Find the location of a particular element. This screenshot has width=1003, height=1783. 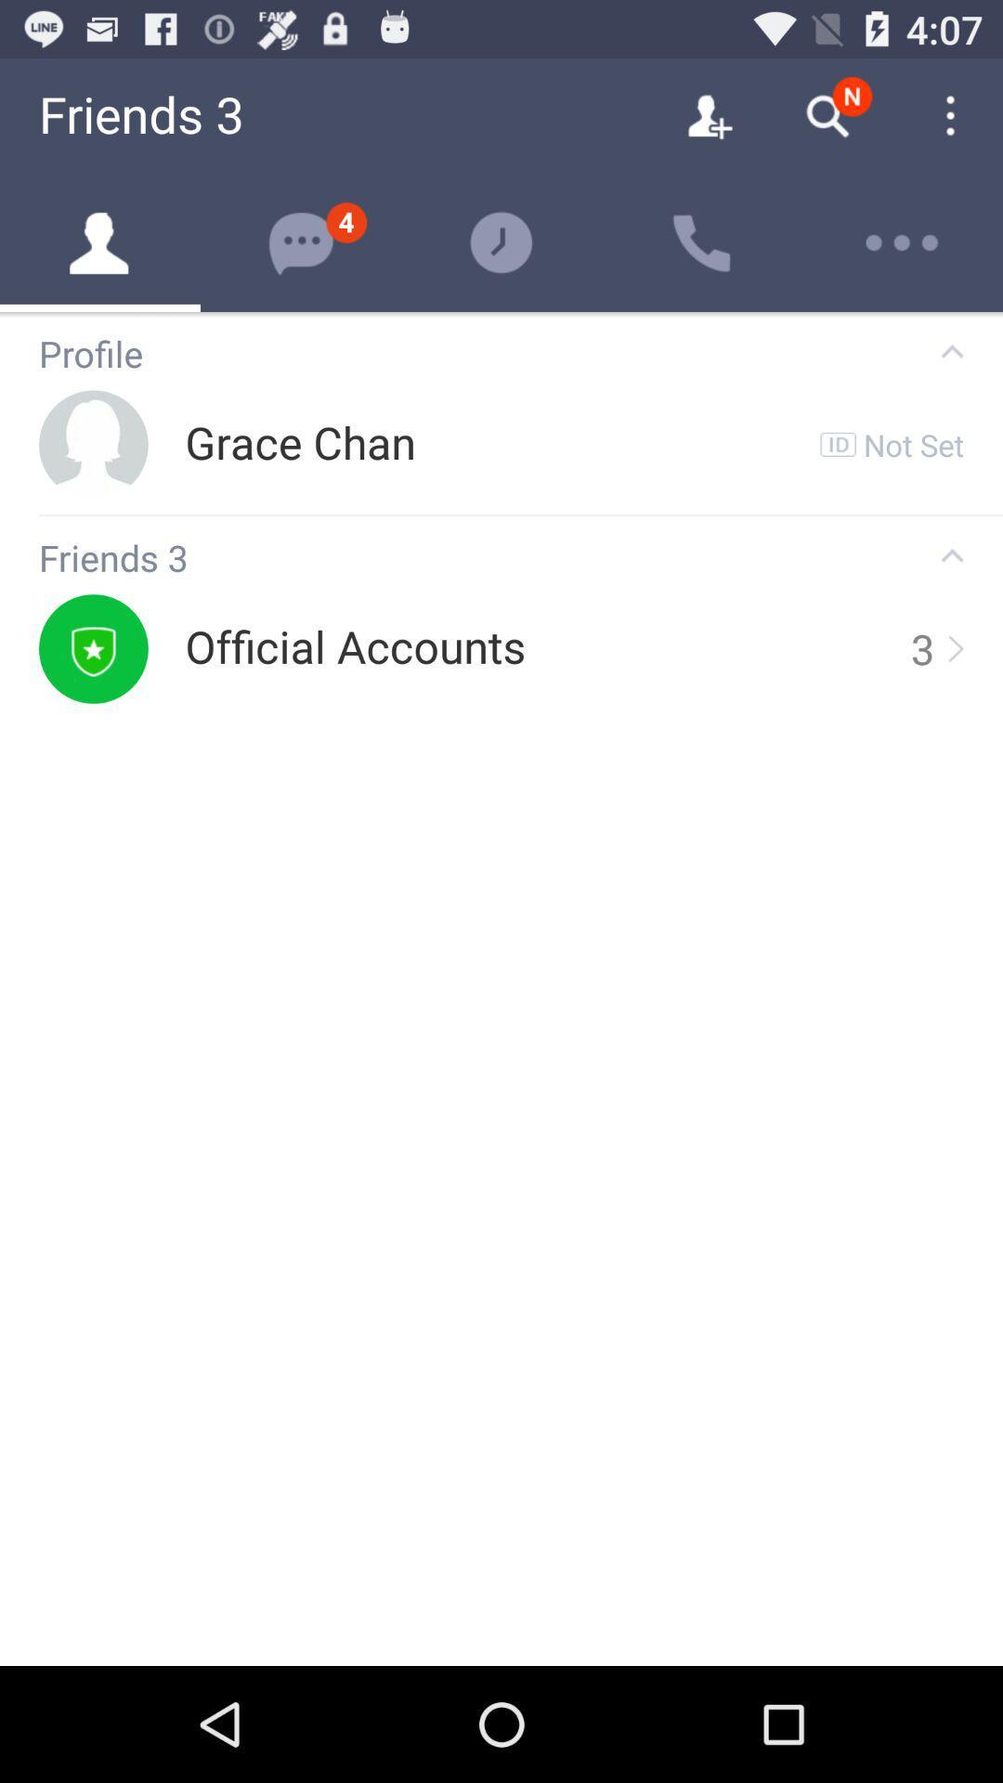

the grace chan item is located at coordinates (299, 443).